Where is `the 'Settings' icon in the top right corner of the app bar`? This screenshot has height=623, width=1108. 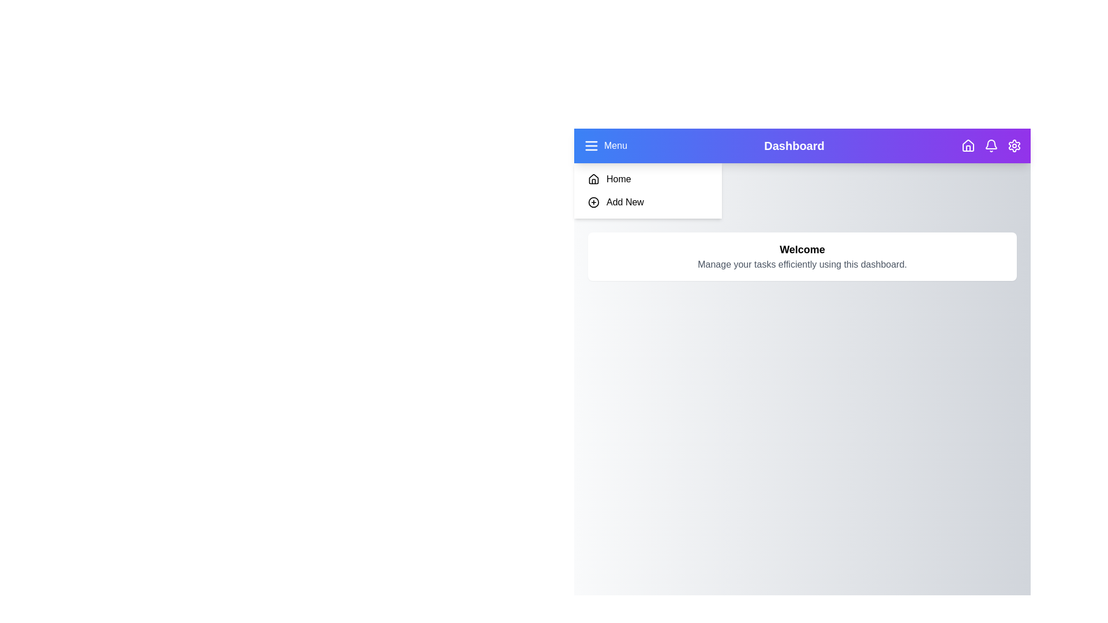 the 'Settings' icon in the top right corner of the app bar is located at coordinates (1013, 145).